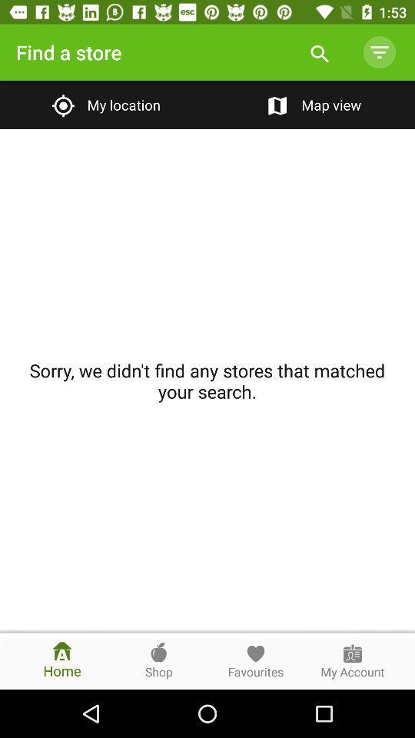 The image size is (415, 738). What do you see at coordinates (104, 104) in the screenshot?
I see `the icon next to the map view item` at bounding box center [104, 104].